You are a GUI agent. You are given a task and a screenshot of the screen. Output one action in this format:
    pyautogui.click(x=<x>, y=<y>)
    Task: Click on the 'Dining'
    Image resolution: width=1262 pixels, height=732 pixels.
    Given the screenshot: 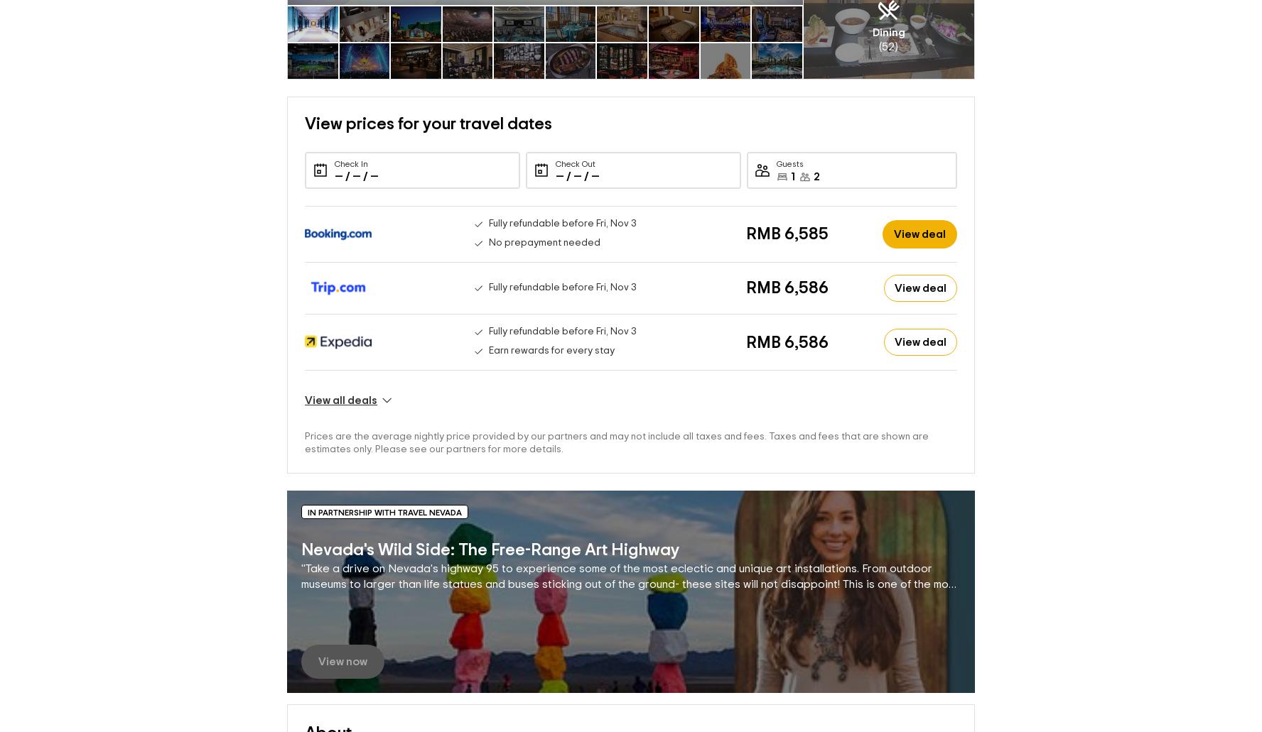 What is the action you would take?
    pyautogui.click(x=887, y=9)
    